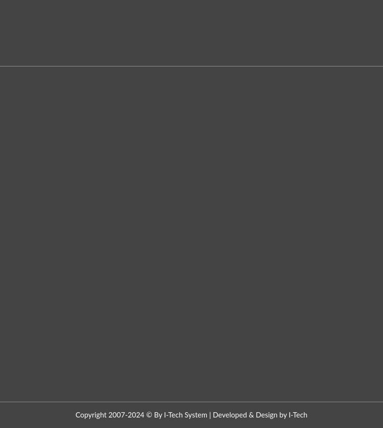  Describe the element at coordinates (19, 58) in the screenshot. I see `'Beside Westside Mall, Yeolekar Mala,'` at that location.